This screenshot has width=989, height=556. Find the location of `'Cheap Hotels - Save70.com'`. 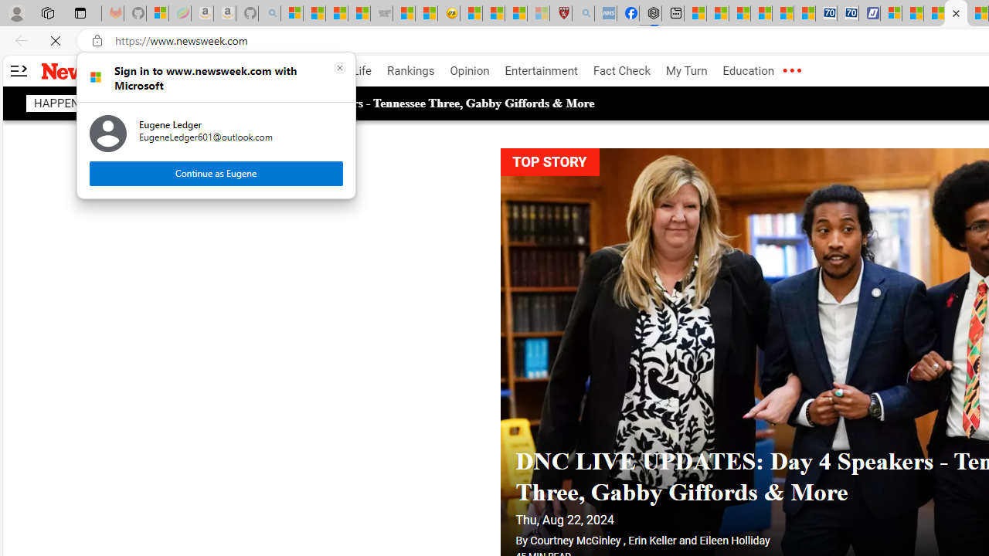

'Cheap Hotels - Save70.com' is located at coordinates (847, 13).